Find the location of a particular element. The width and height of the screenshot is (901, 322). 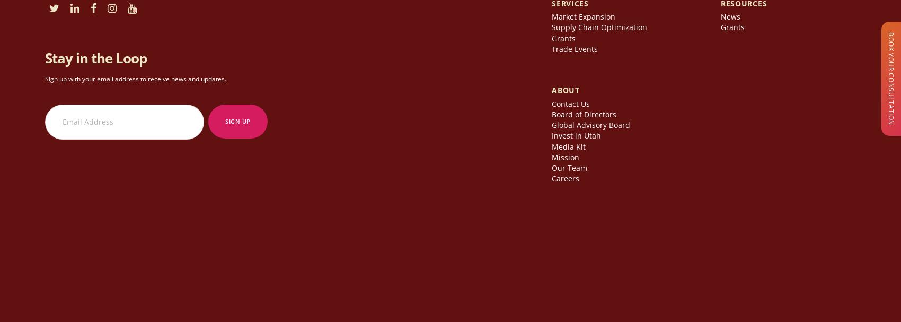

'Copyright © 2023 World Trade Center Utah. All rights reserved.' is located at coordinates (226, 249).